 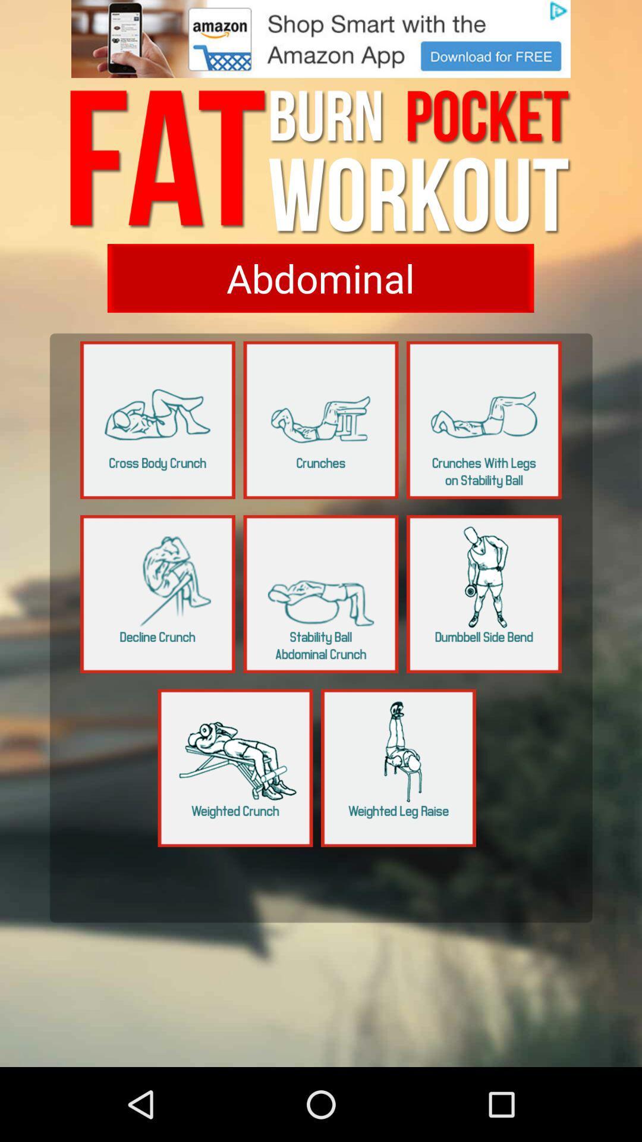 I want to click on show abdominal exercise, so click(x=320, y=277).